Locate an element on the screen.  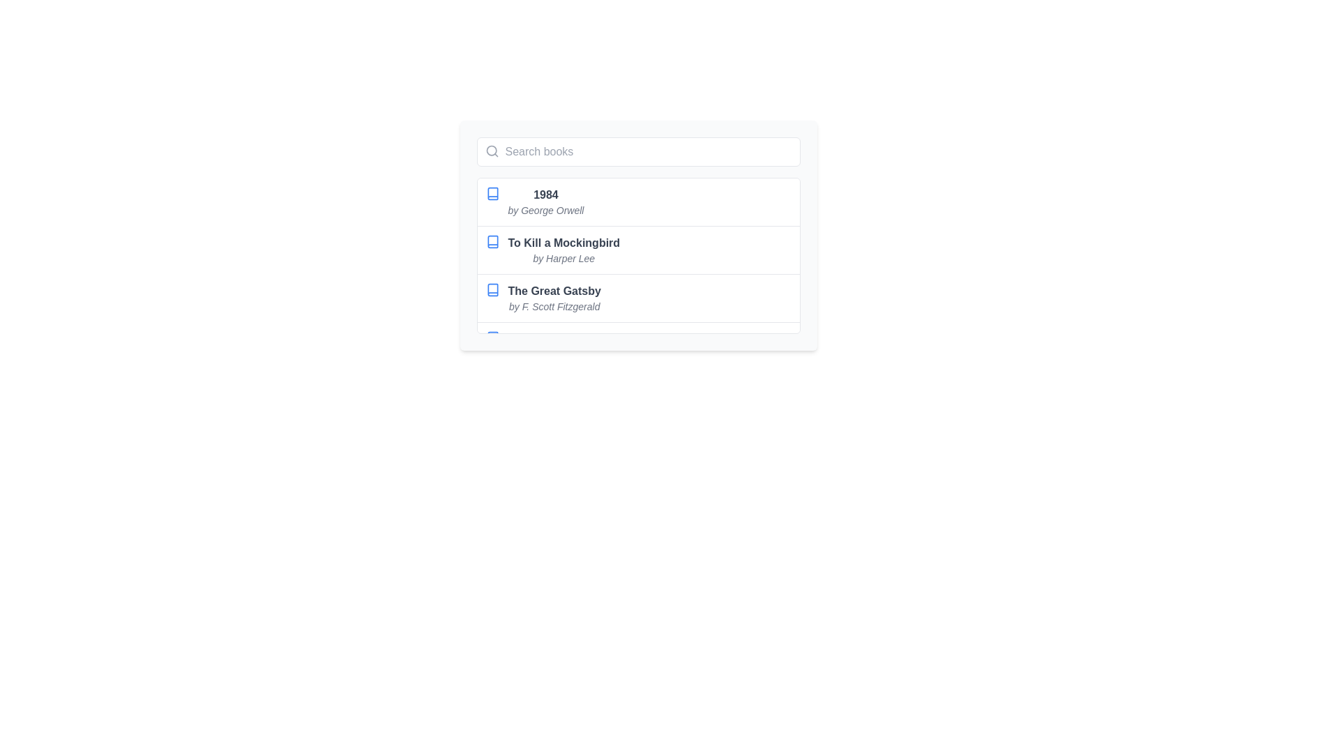
the text label displaying 'The Great Gatsby' is located at coordinates (554, 290).